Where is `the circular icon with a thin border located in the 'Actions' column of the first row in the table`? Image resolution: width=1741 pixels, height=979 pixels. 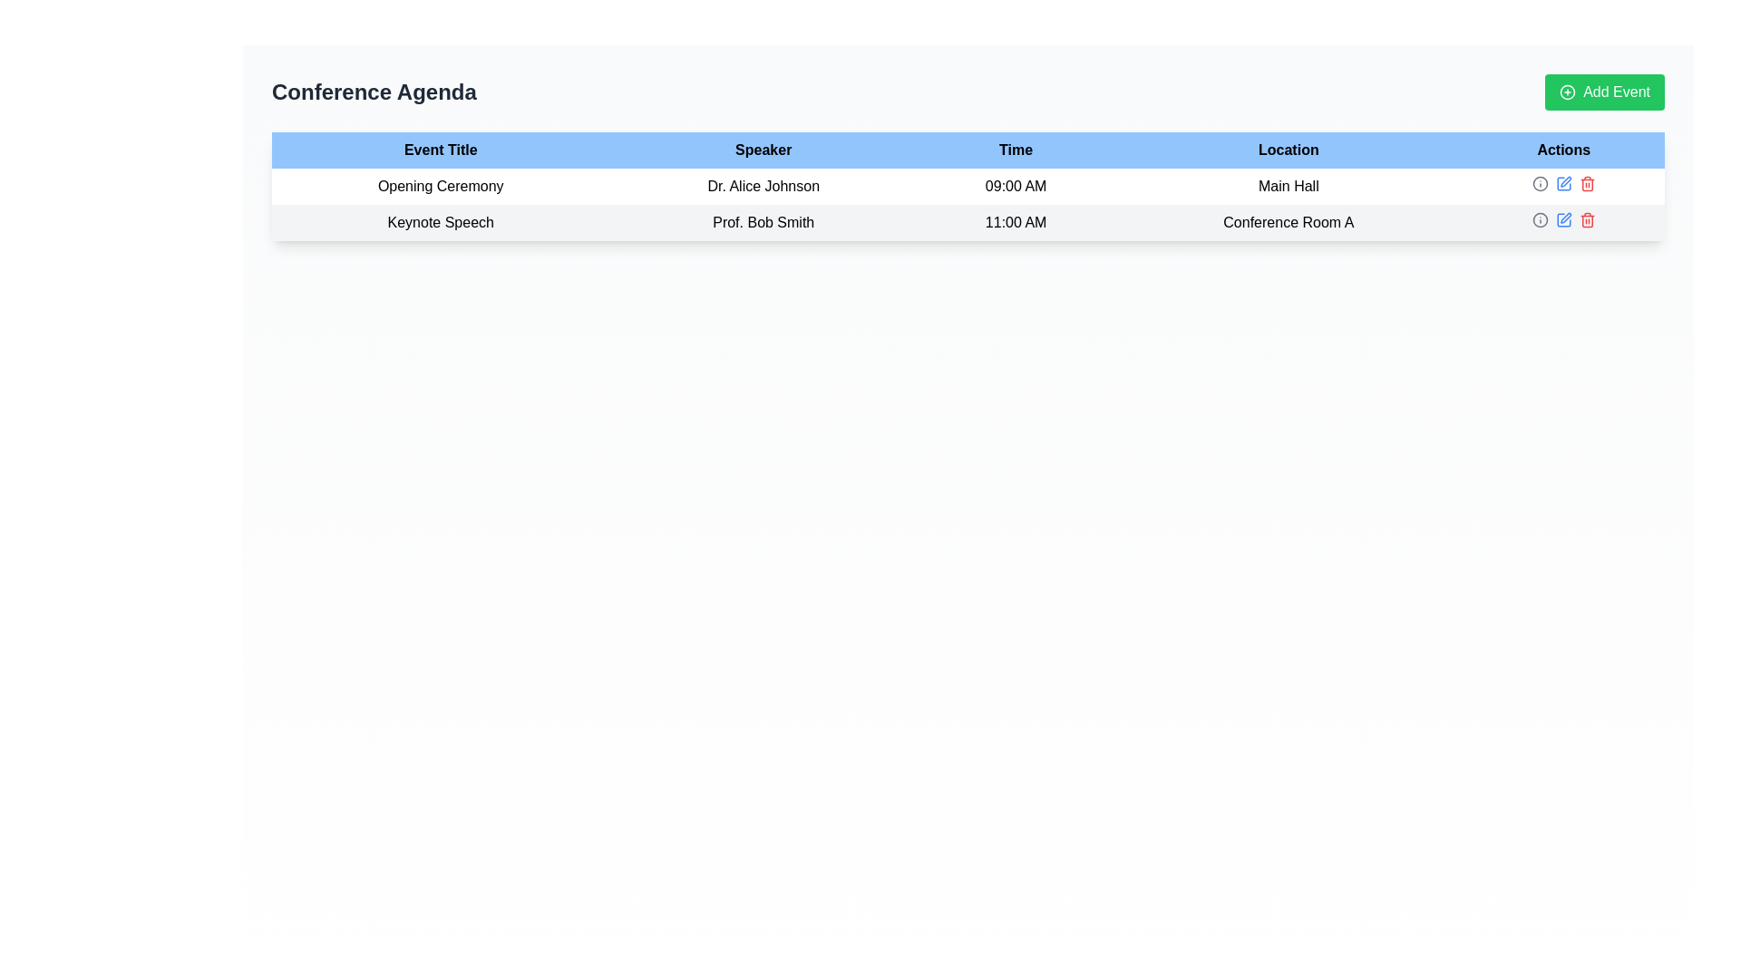 the circular icon with a thin border located in the 'Actions' column of the first row in the table is located at coordinates (1539, 219).